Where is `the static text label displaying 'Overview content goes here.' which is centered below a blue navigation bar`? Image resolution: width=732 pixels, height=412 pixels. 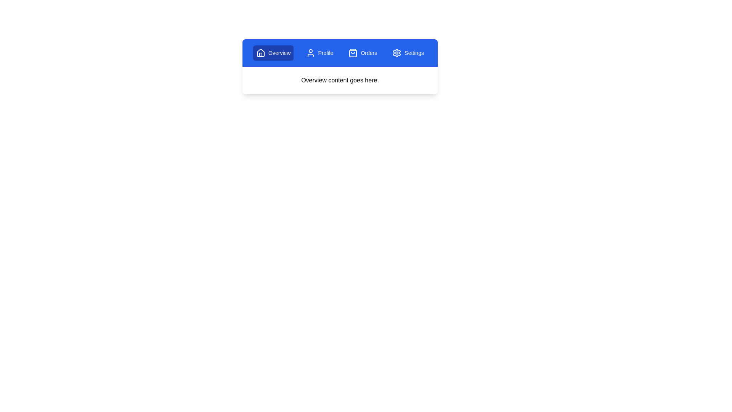
the static text label displaying 'Overview content goes here.' which is centered below a blue navigation bar is located at coordinates (340, 80).